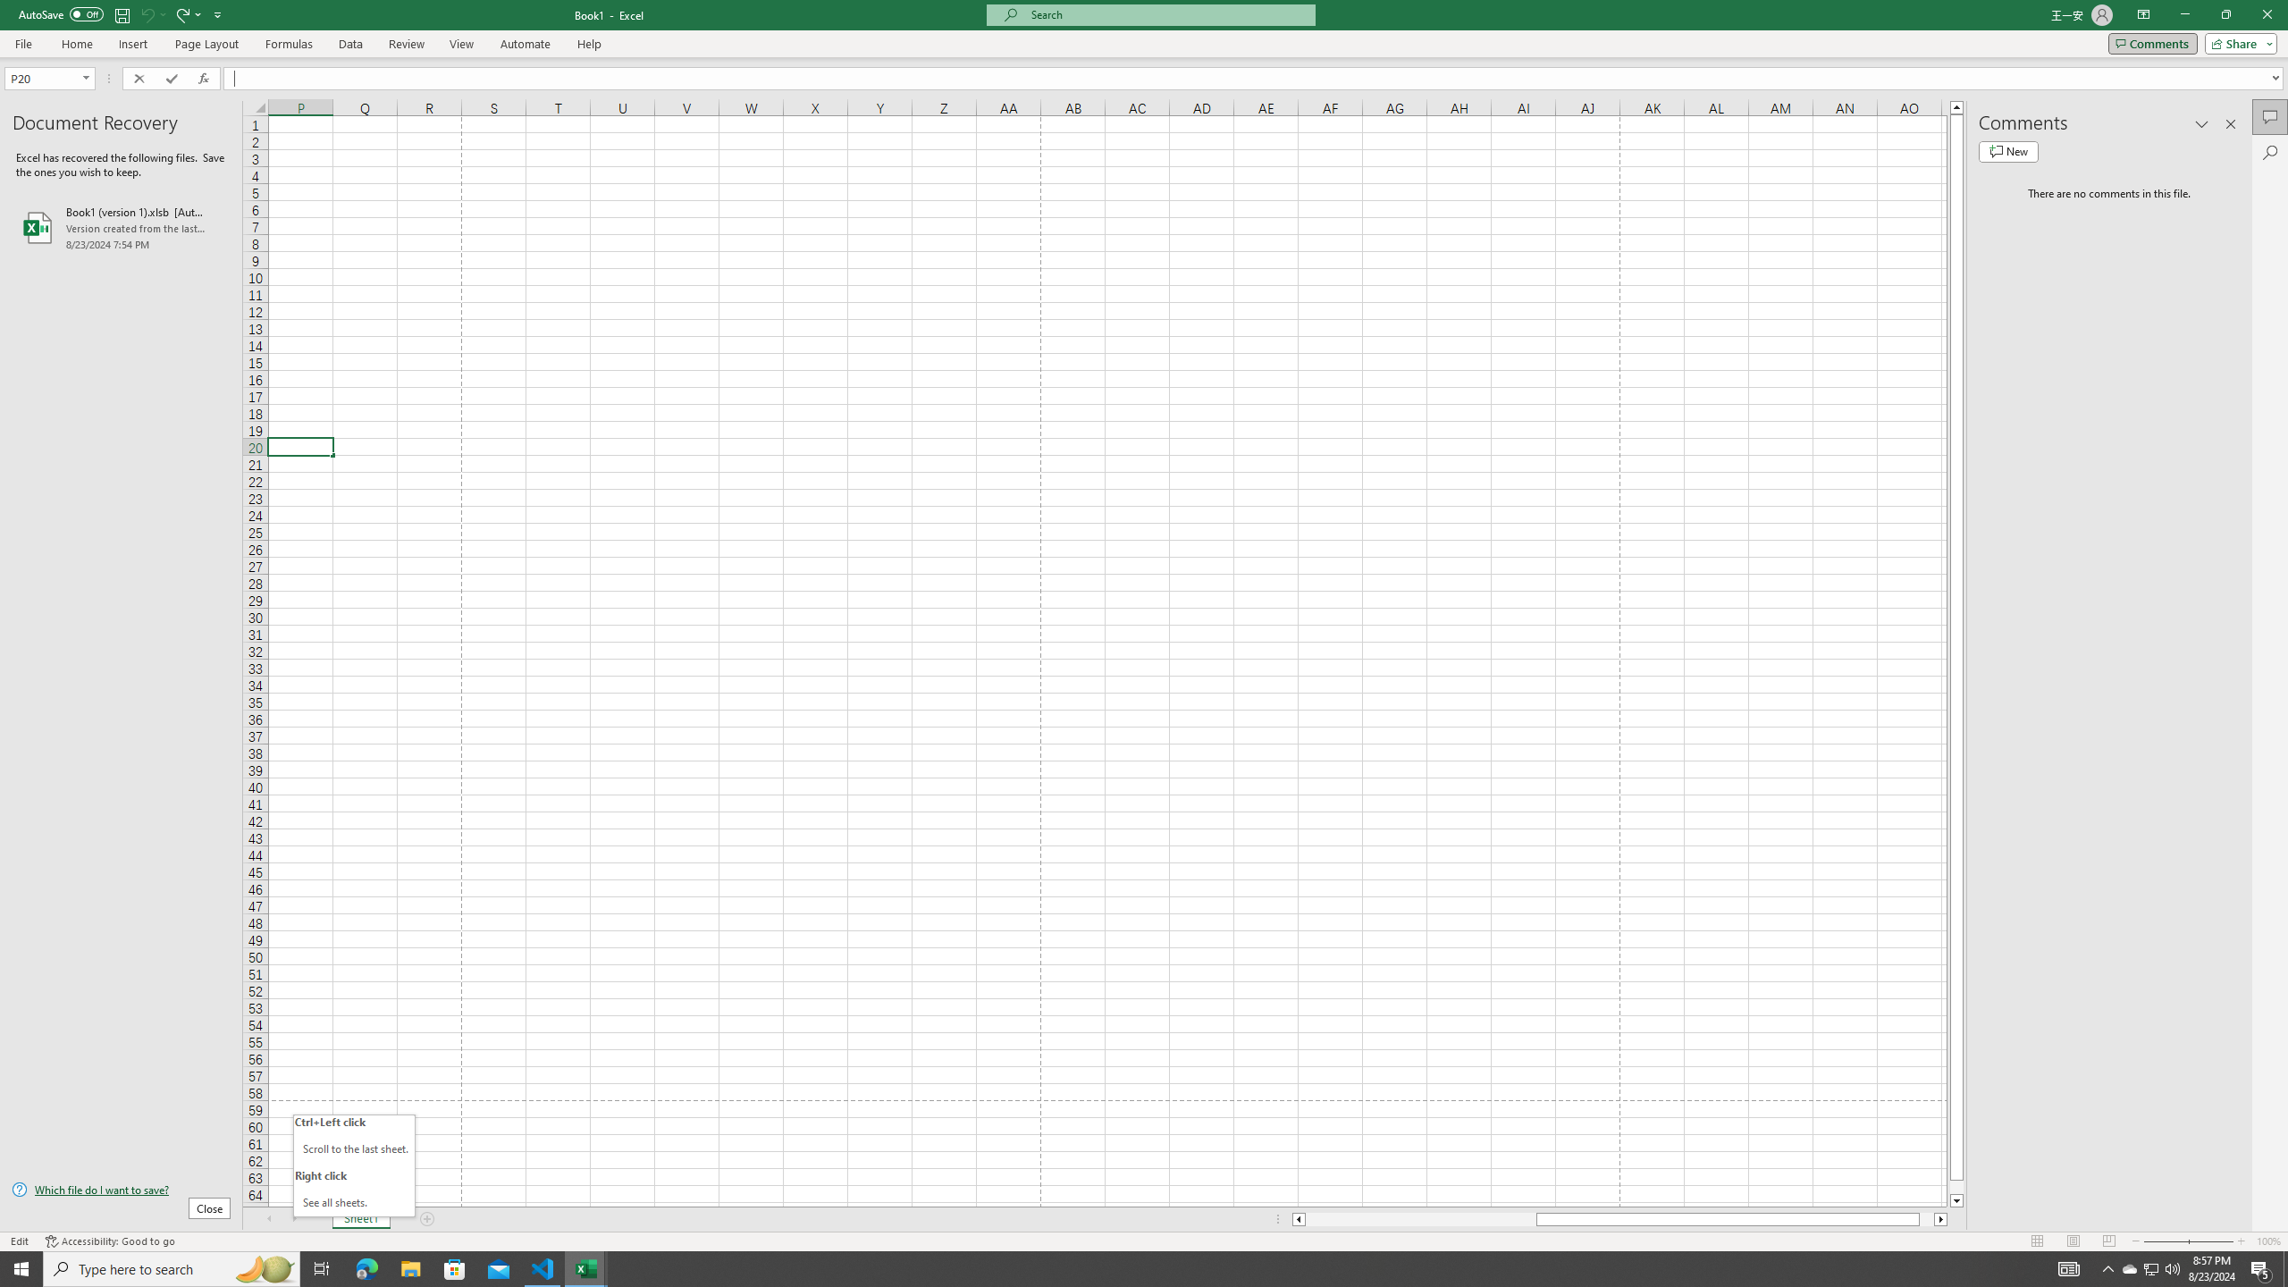  Describe the element at coordinates (121, 13) in the screenshot. I see `'Save'` at that location.